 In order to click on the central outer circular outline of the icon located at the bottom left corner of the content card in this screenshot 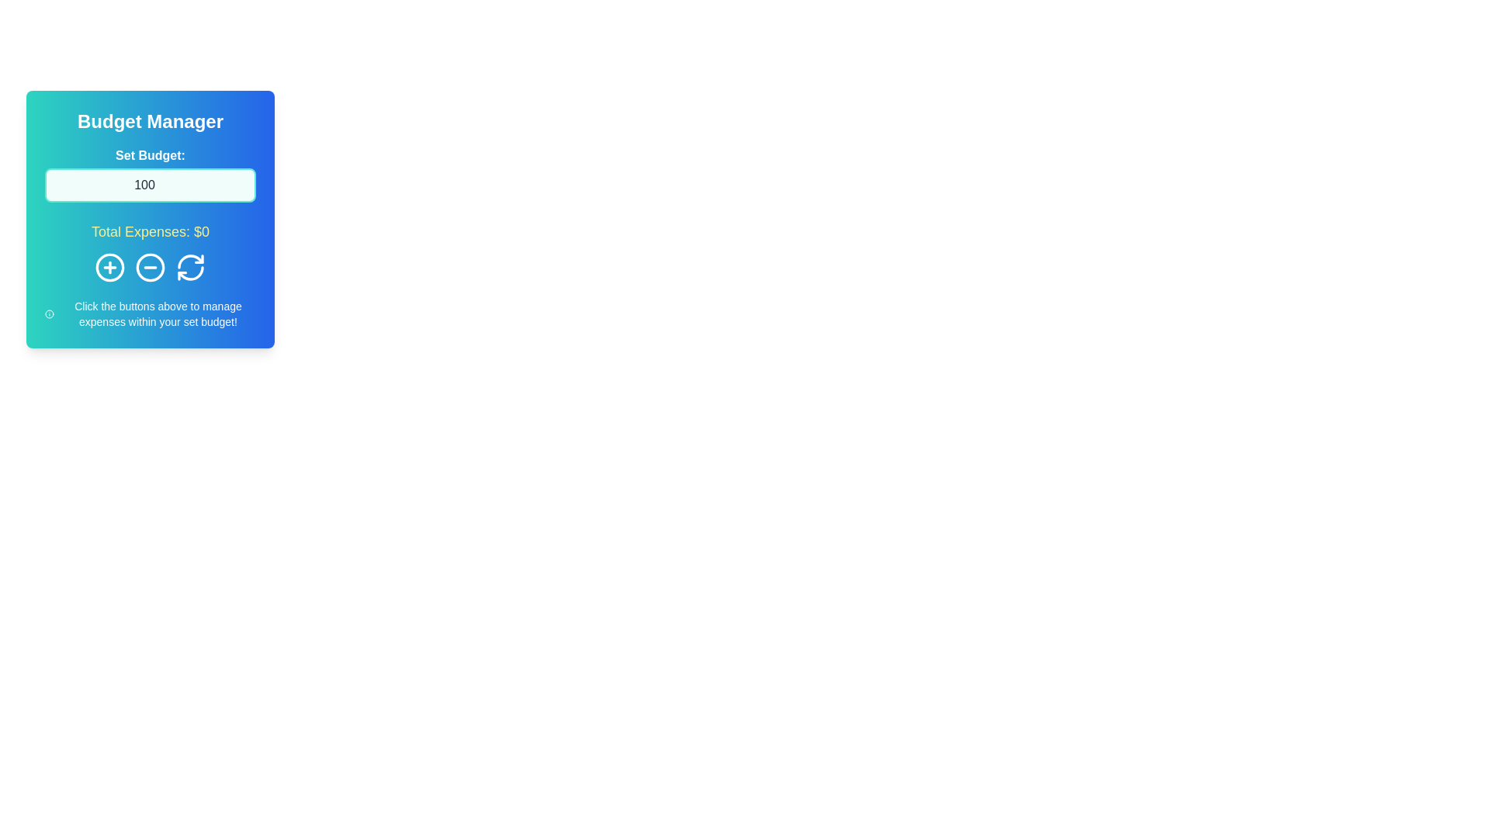, I will do `click(49, 314)`.